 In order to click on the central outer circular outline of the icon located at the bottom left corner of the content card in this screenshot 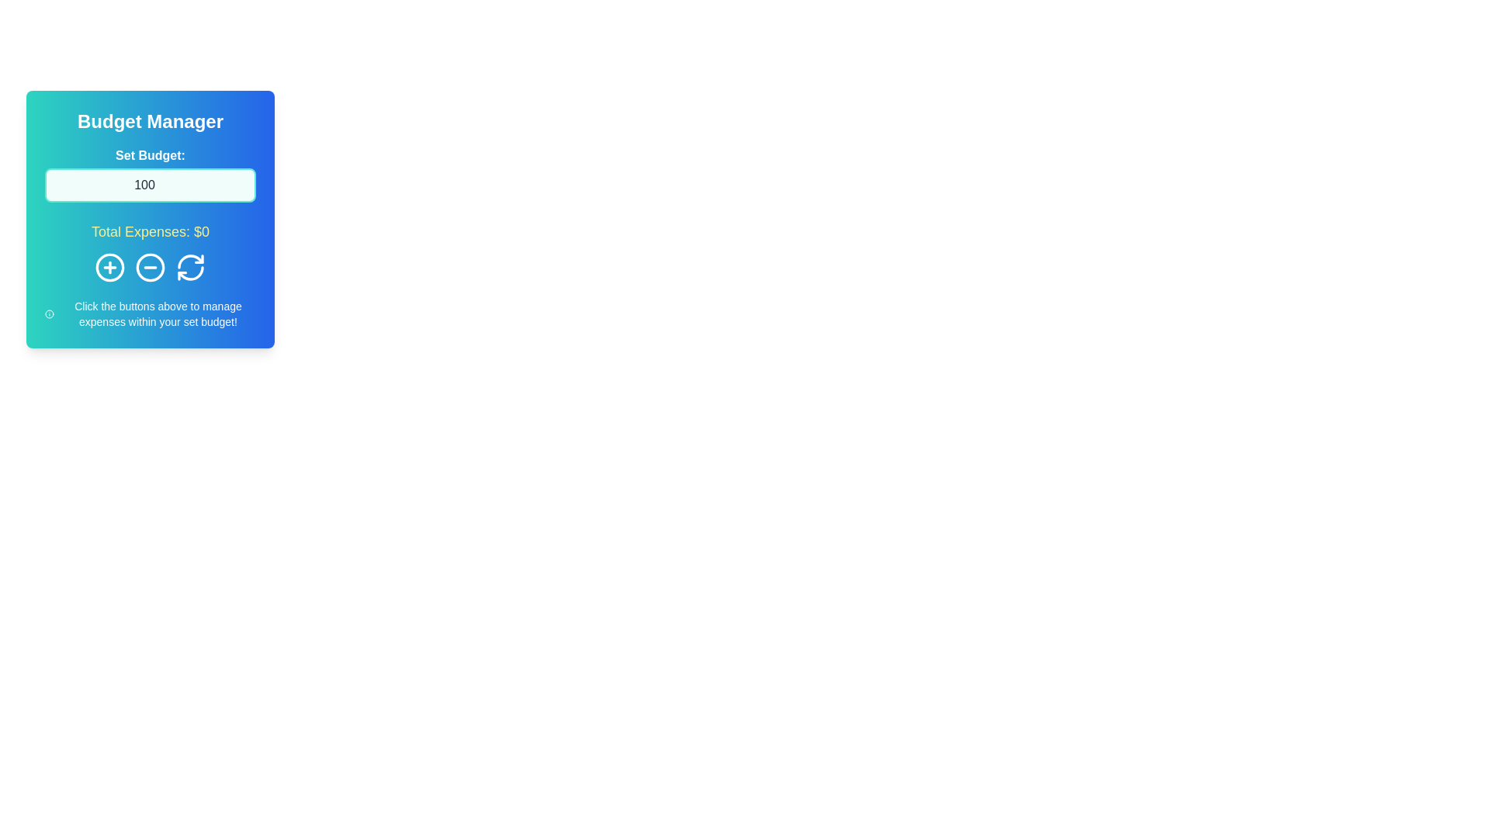, I will do `click(49, 314)`.